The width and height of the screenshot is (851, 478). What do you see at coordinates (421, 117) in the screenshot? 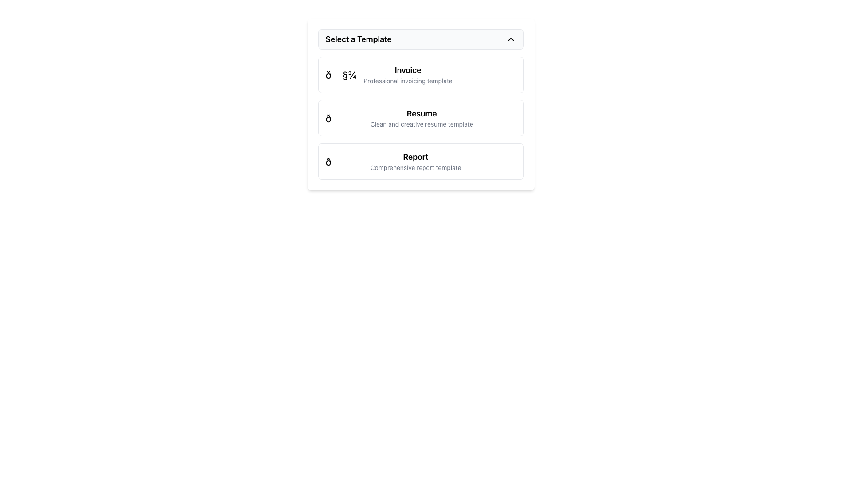
I see `the second option in the list under 'Select a Template'` at bounding box center [421, 117].